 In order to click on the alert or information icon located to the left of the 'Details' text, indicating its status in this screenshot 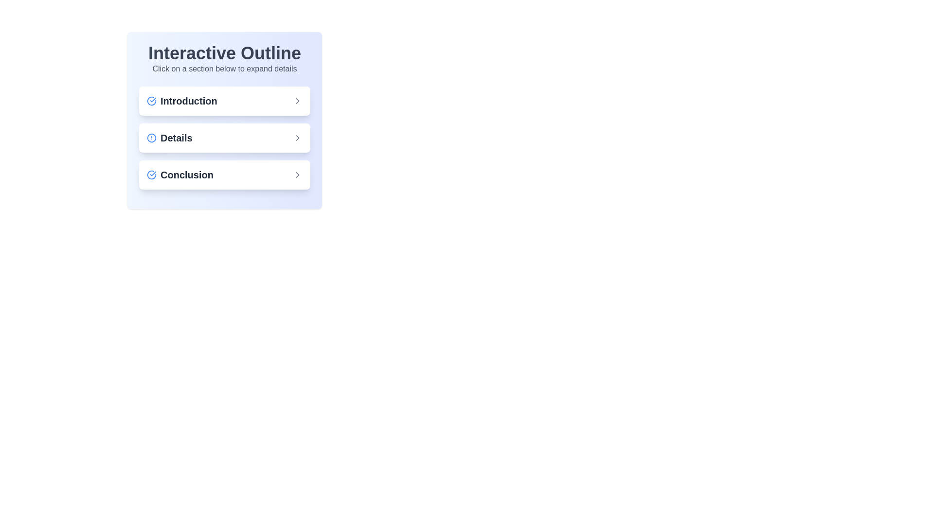, I will do `click(151, 138)`.